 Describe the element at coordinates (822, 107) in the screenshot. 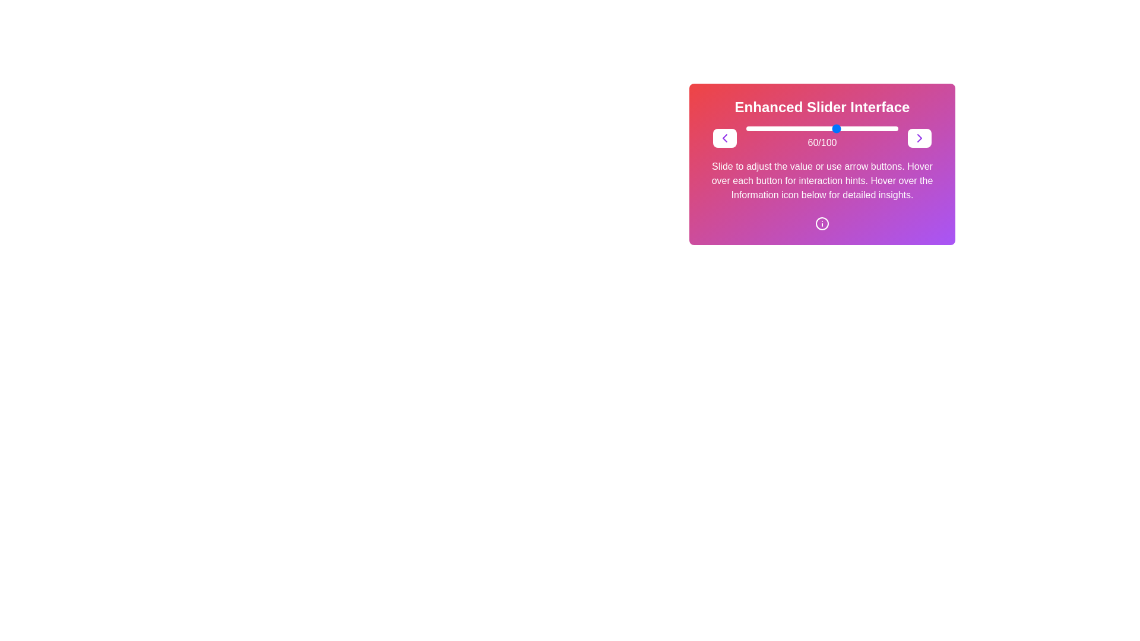

I see `header text label positioned at the top of the gradient-colored card, which indicates the main functionality of the section` at that location.